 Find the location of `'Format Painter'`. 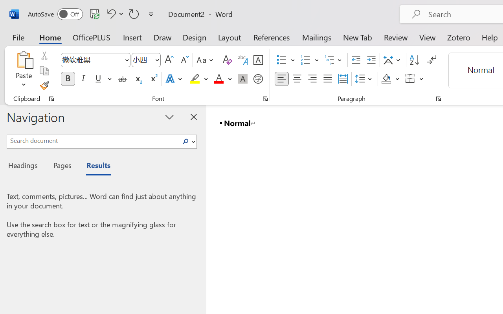

'Format Painter' is located at coordinates (44, 86).